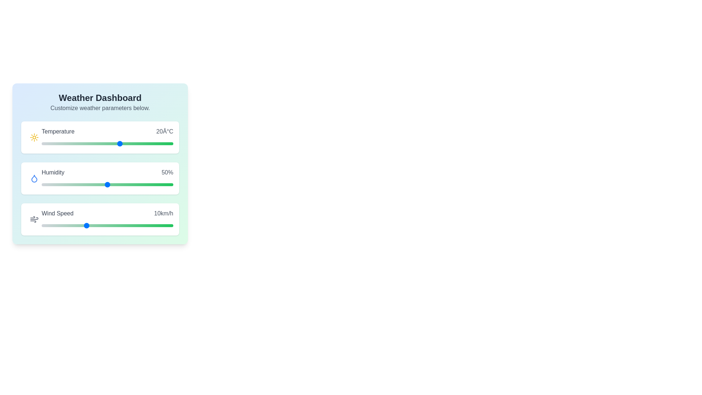  Describe the element at coordinates (48, 184) in the screenshot. I see `the humidity slider to 5%` at that location.